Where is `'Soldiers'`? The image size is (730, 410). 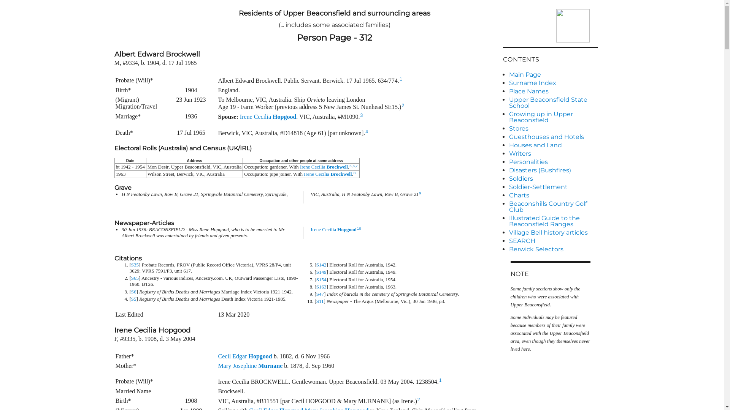
'Soldiers' is located at coordinates (553, 178).